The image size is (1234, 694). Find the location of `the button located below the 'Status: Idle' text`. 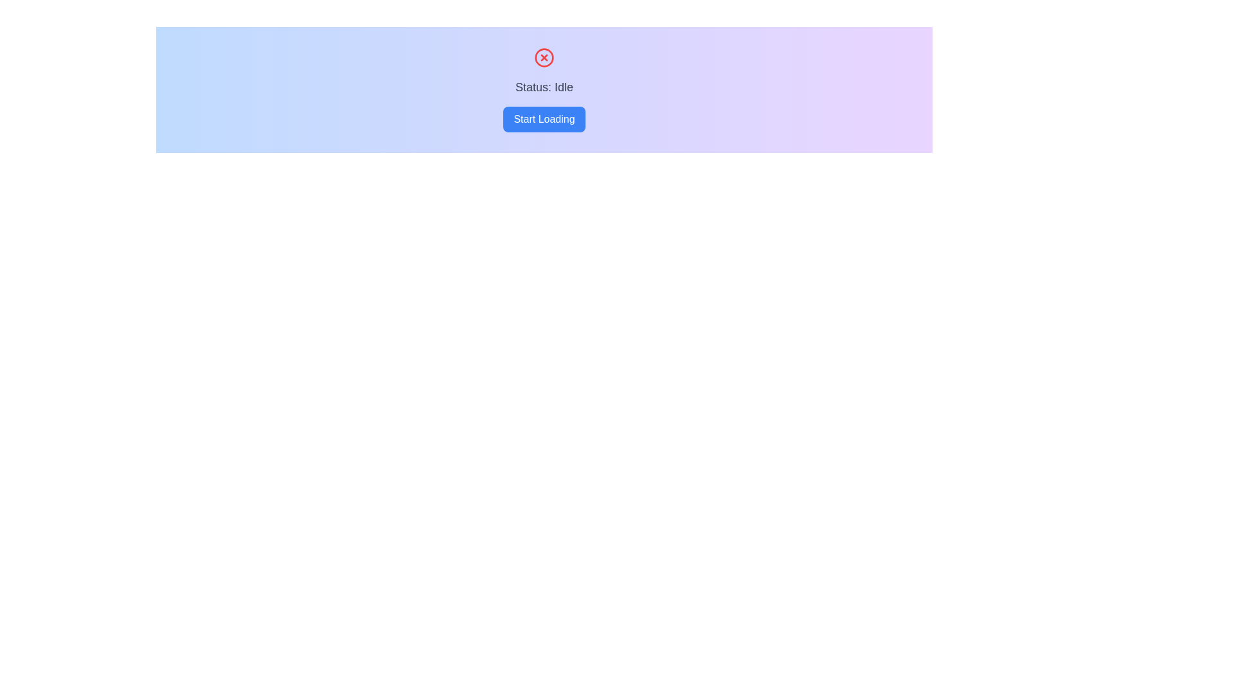

the button located below the 'Status: Idle' text is located at coordinates (544, 119).